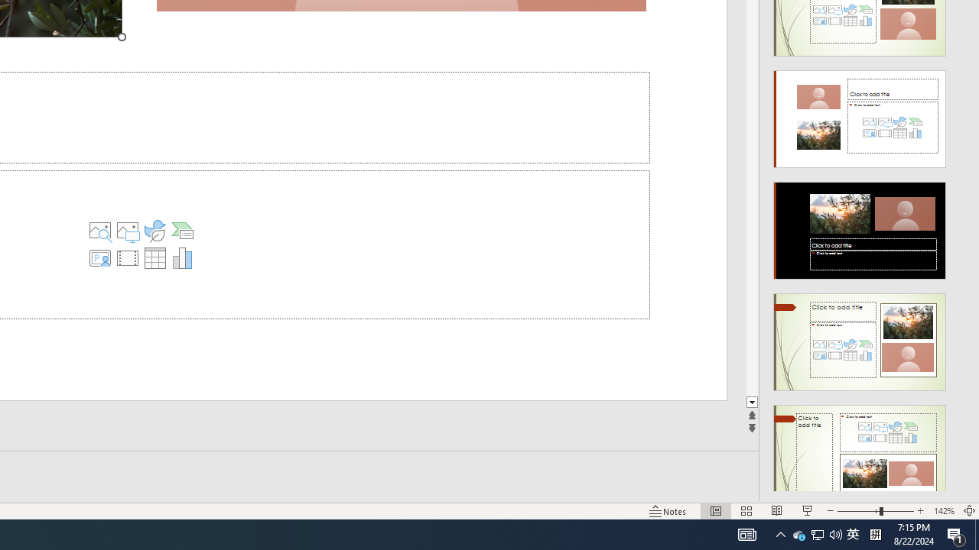 This screenshot has width=979, height=550. I want to click on 'Action Center, 1 new notification', so click(956, 533).